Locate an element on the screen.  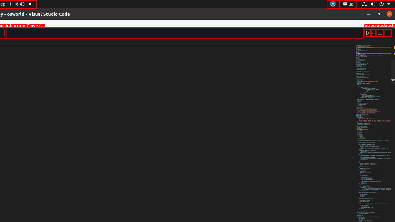
'Split Editor Right (Ctrl+\) [Alt] Split Editor Down' is located at coordinates (379, 33).